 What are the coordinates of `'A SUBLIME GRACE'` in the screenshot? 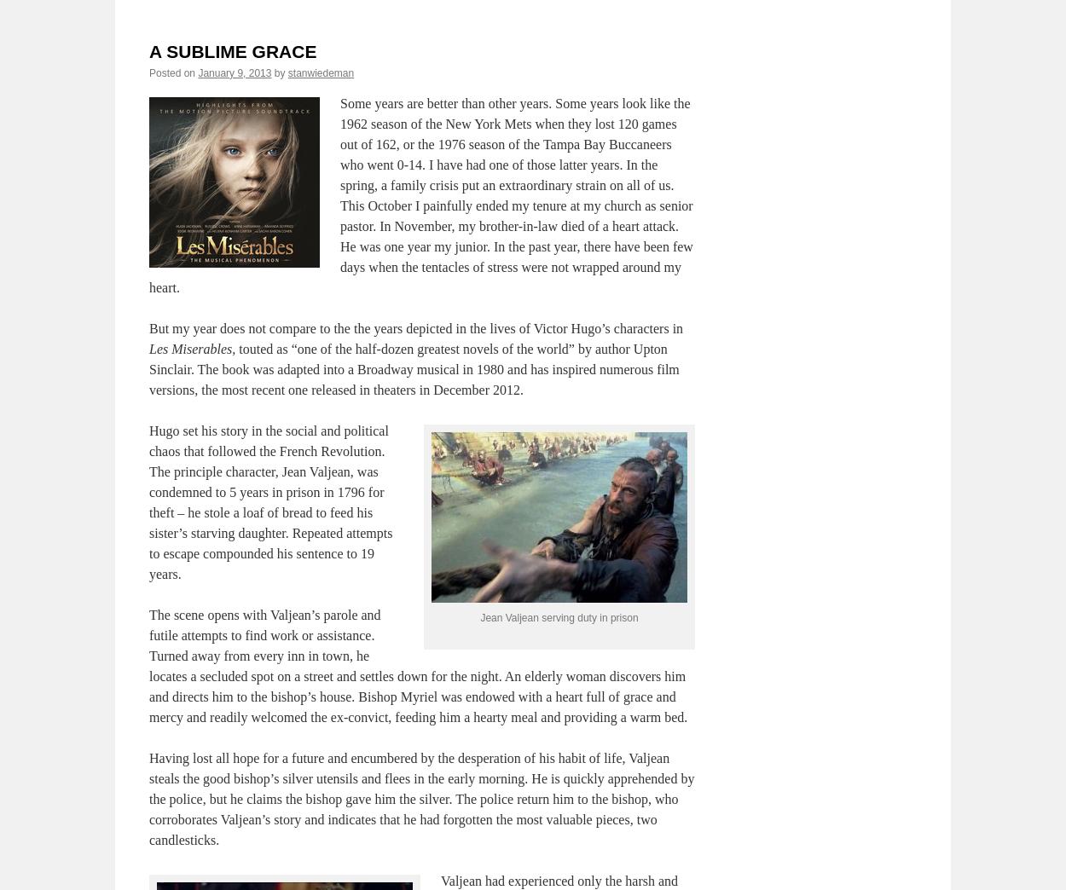 It's located at (233, 49).